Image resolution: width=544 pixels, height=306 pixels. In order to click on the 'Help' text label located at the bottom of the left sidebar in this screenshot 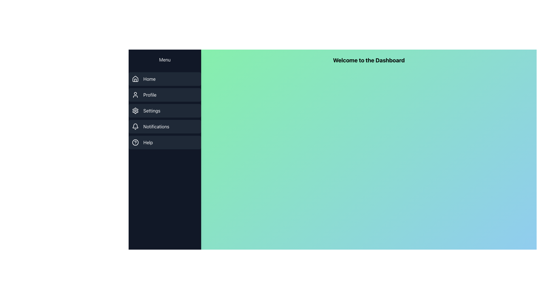, I will do `click(148, 142)`.